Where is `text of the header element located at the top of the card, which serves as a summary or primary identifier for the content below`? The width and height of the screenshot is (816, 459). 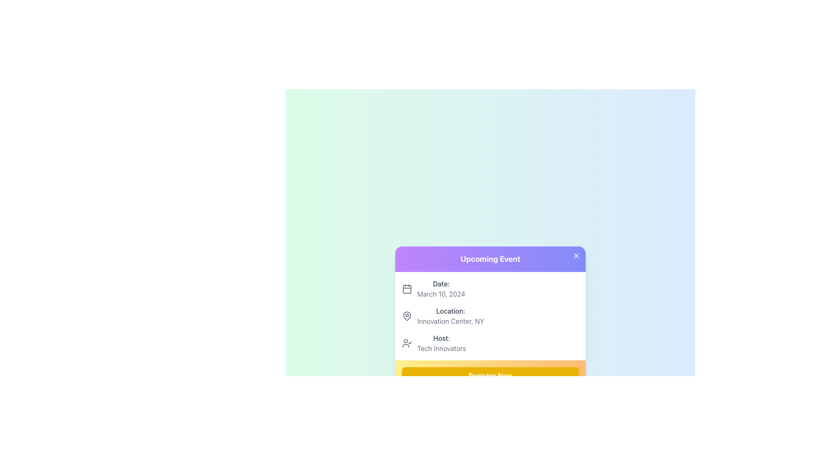
text of the header element located at the top of the card, which serves as a summary or primary identifier for the content below is located at coordinates (490, 258).